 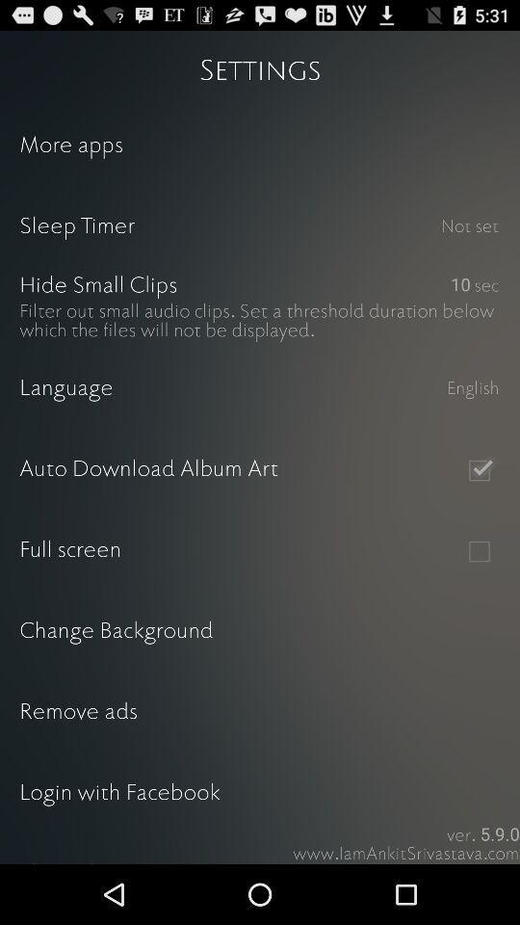 What do you see at coordinates (478, 551) in the screenshot?
I see `item next to the full screen icon` at bounding box center [478, 551].